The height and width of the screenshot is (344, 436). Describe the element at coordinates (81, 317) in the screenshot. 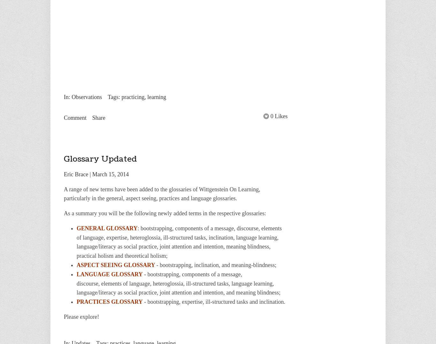

I see `'Please explore!'` at that location.